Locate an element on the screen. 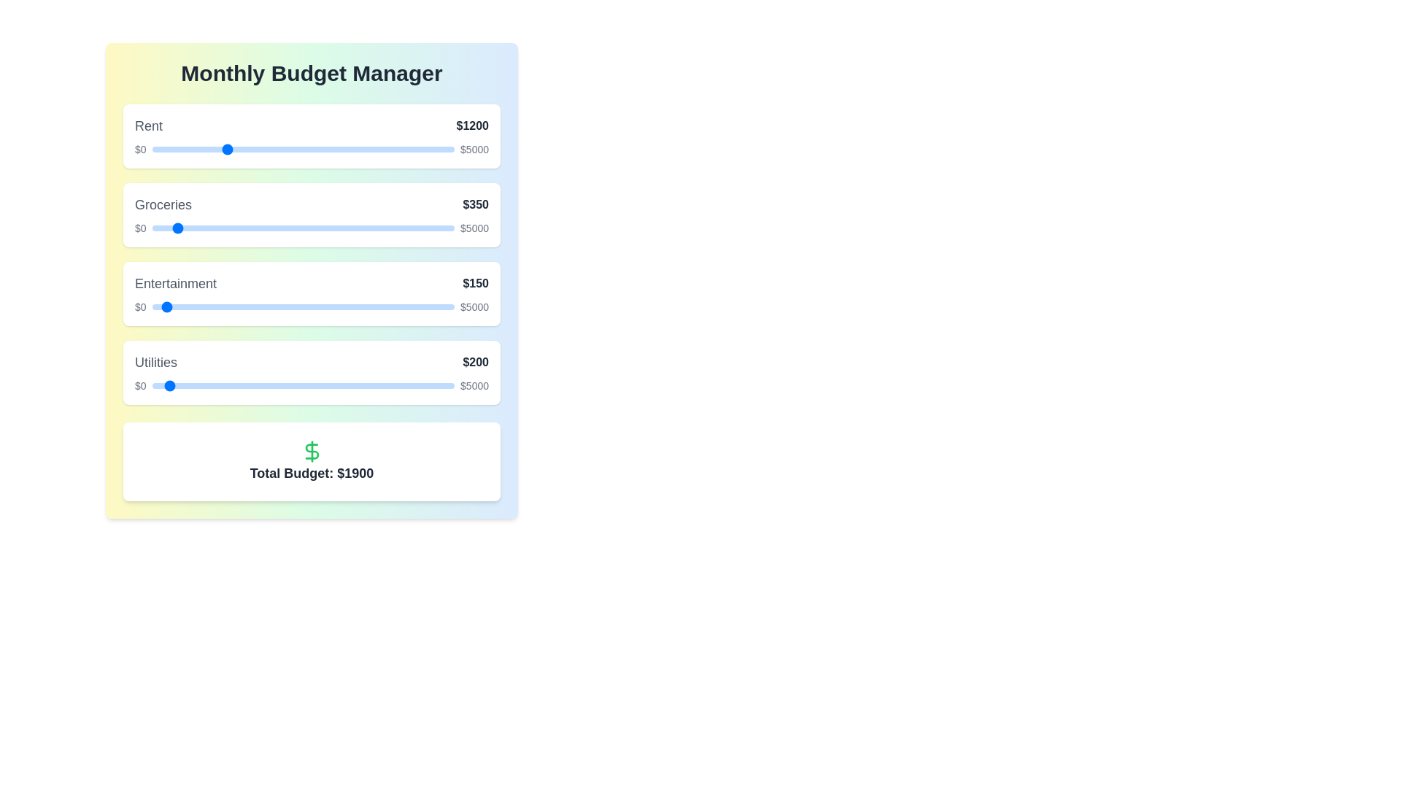 This screenshot has width=1401, height=788. rent budget is located at coordinates (197, 149).